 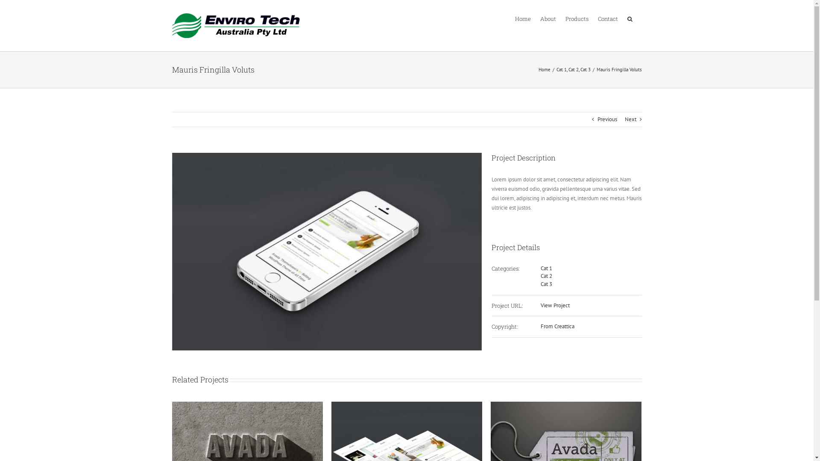 What do you see at coordinates (548, 18) in the screenshot?
I see `'About'` at bounding box center [548, 18].